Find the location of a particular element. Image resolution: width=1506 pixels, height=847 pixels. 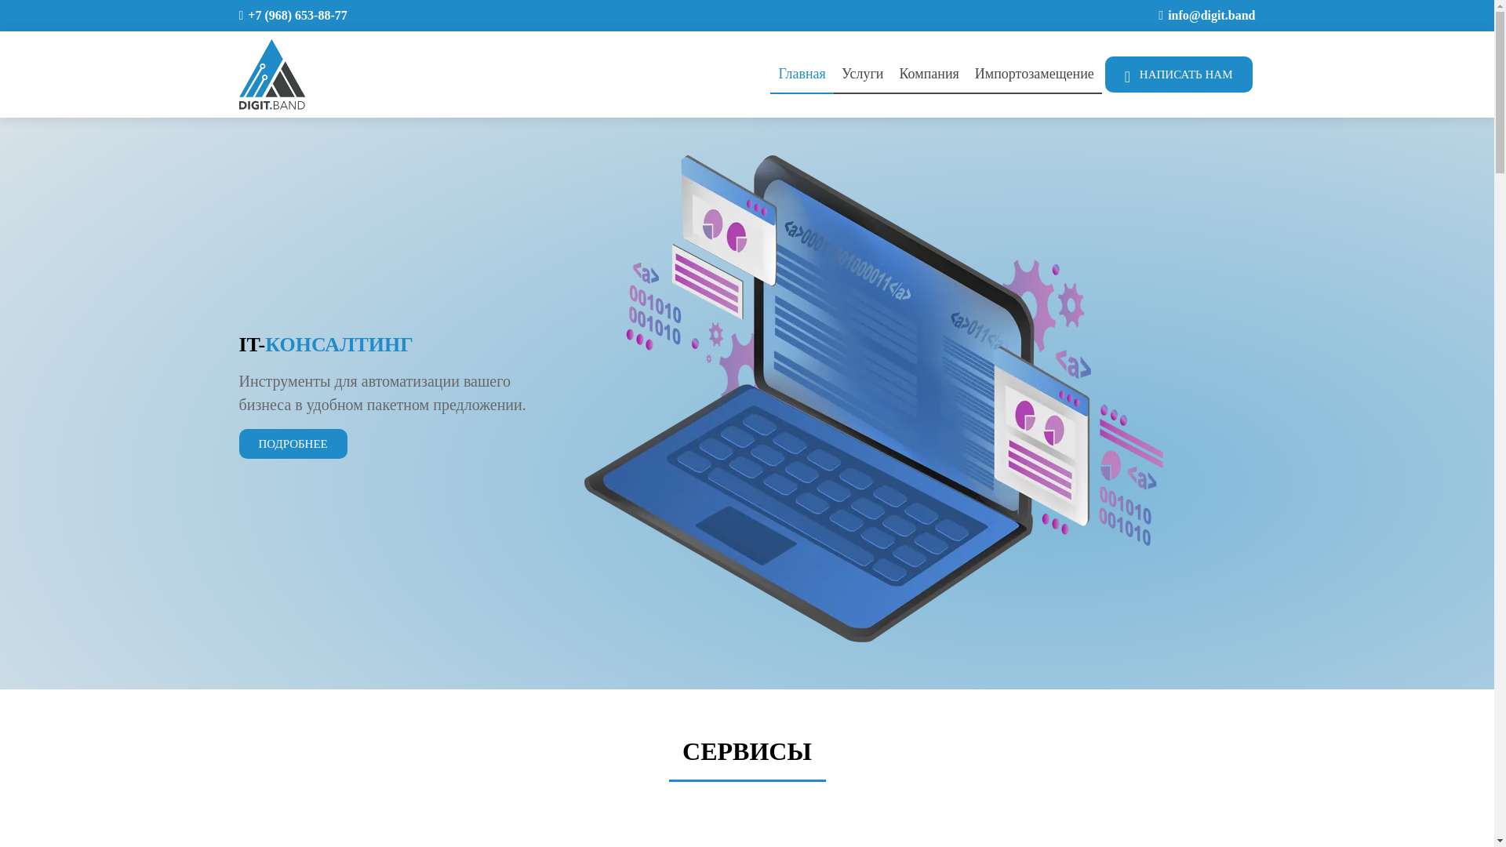

'+7 (968) 653-88-77' is located at coordinates (297, 15).